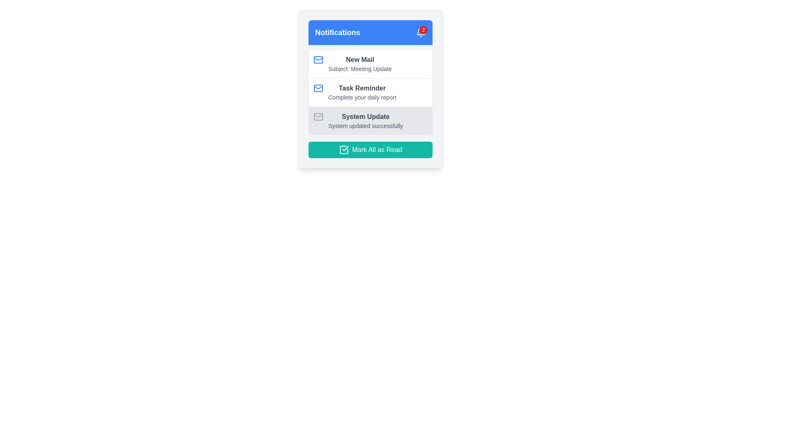 This screenshot has width=794, height=446. I want to click on the Notification item that has a white background with the text 'Task Reminder' in bold dark gray and 'Complete your daily report' in smaller light gray, accompanied by a blue-tinted envelope icon, so click(370, 92).